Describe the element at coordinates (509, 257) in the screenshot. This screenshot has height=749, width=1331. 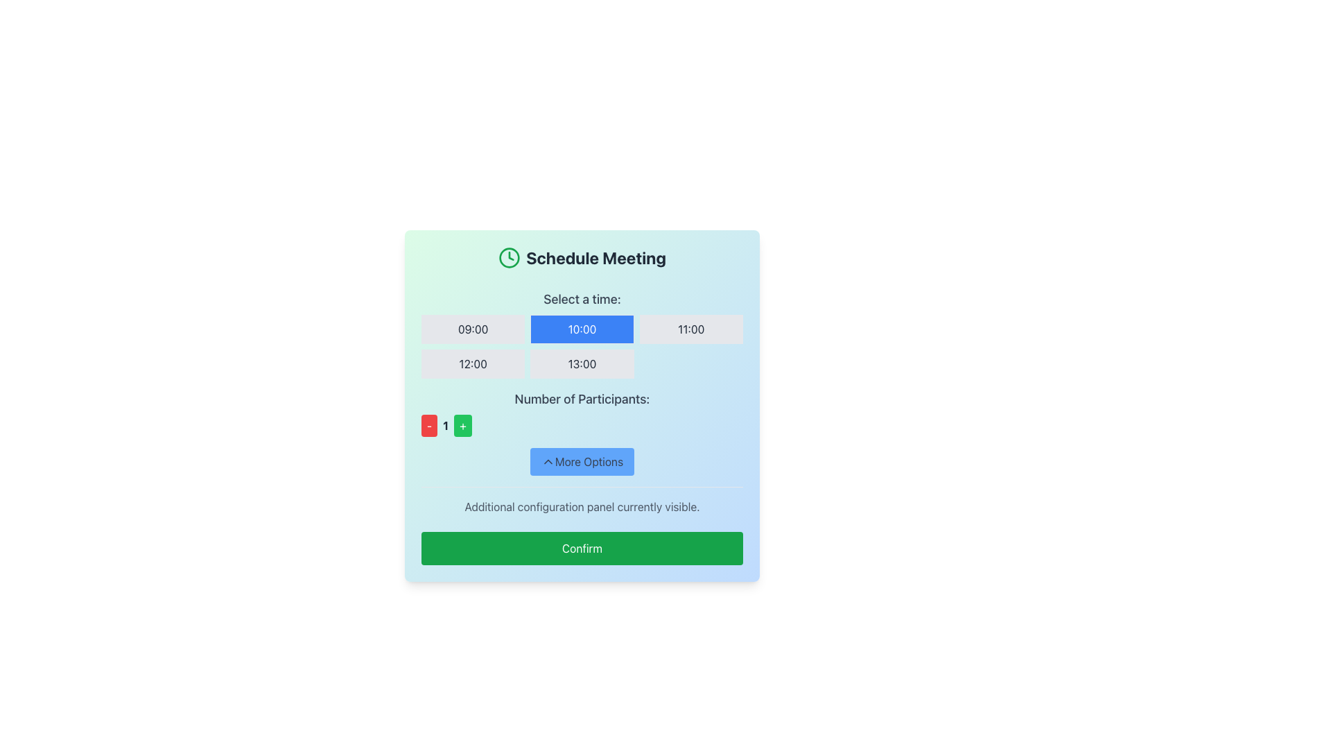
I see `the circle icon that is part of the clock icon located to the left of the 'Schedule Meeting' heading, which has a green outline` at that location.